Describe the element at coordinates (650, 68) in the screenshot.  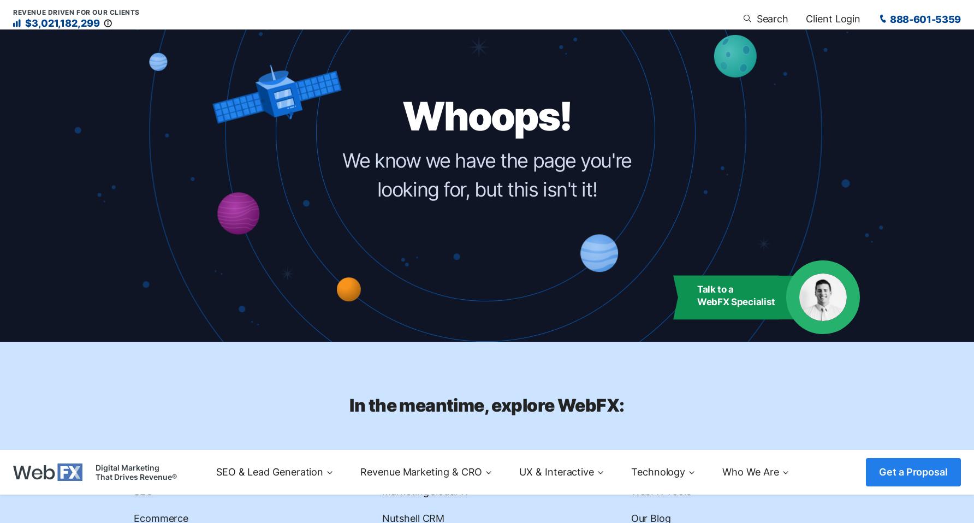
I see `'Our Blog'` at that location.